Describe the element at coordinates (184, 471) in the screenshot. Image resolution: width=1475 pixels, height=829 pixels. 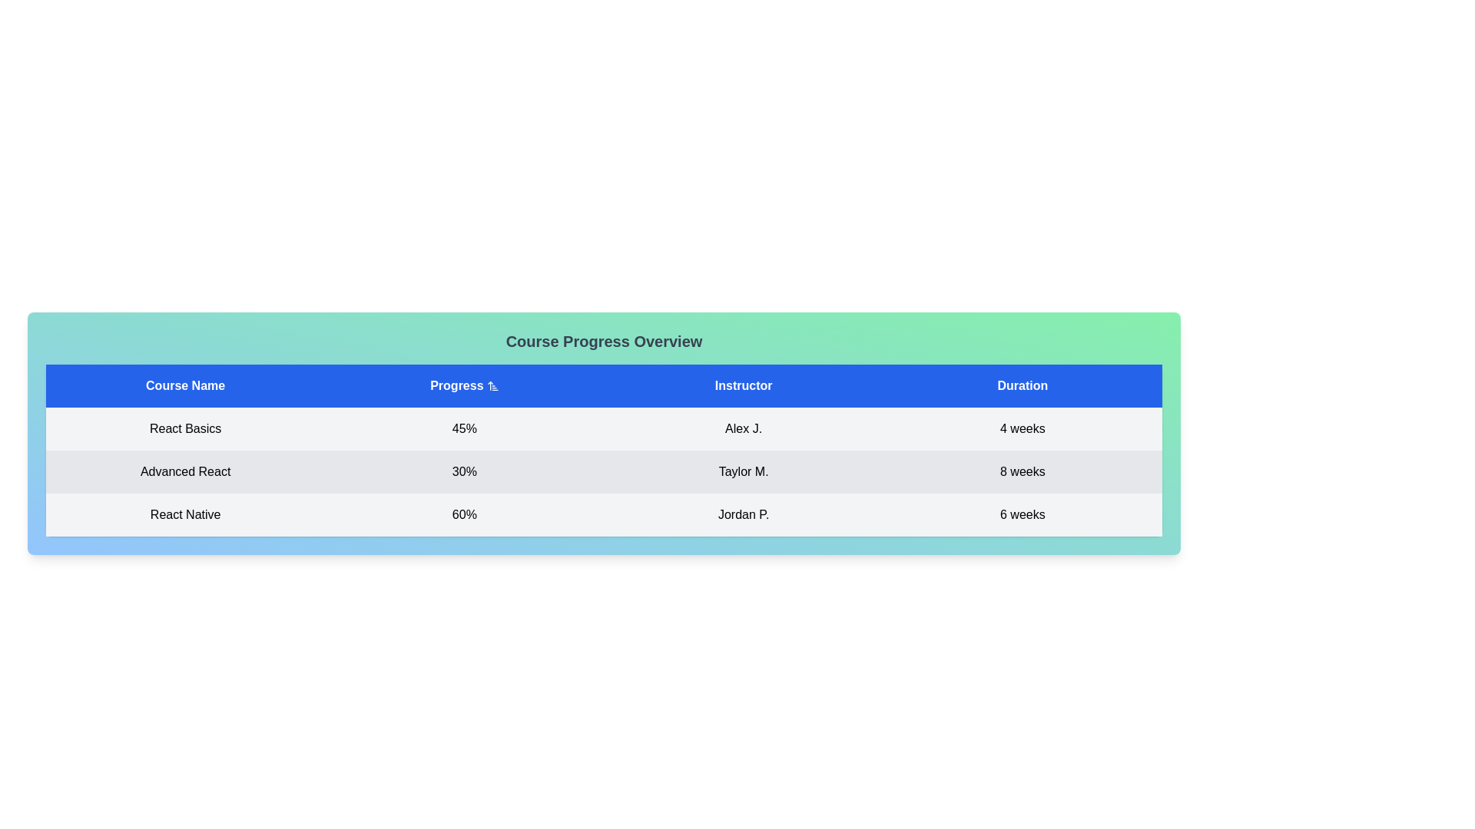
I see `the static text representing the course name in the second row of the course progress table, located under the 'Course Progress Overview' heading` at that location.